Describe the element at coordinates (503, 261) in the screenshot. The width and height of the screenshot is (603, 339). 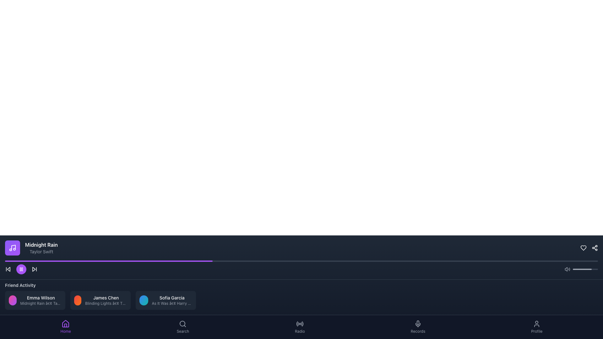
I see `the progress bar` at that location.